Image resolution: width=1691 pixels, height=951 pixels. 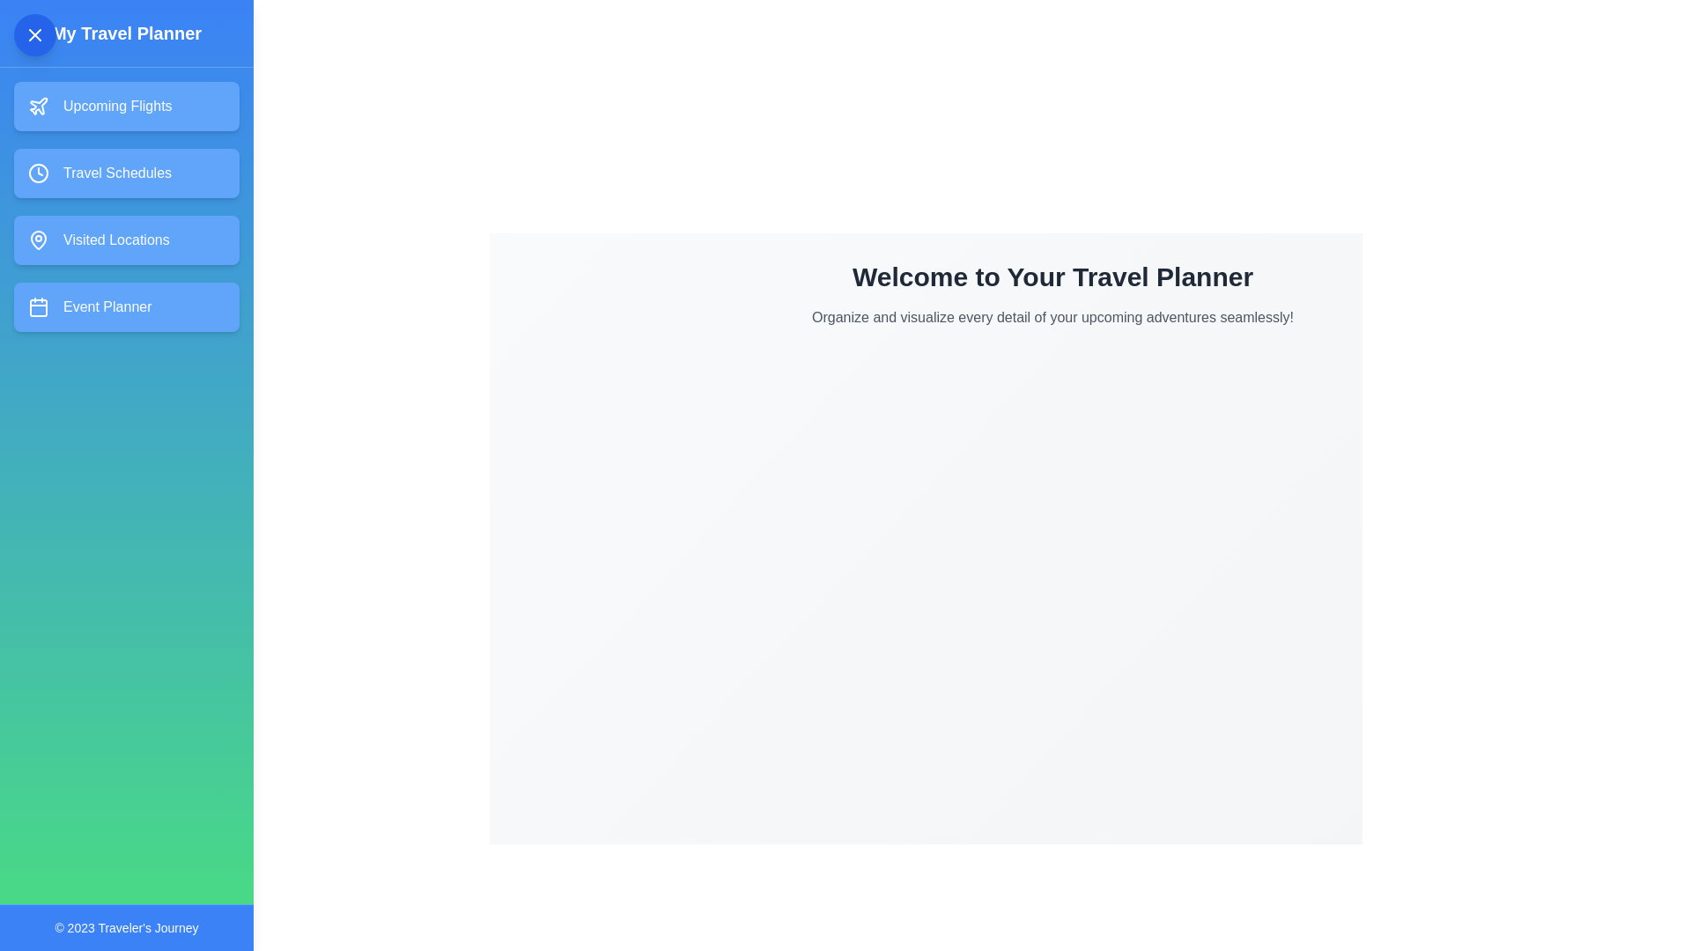 What do you see at coordinates (34, 34) in the screenshot?
I see `the diagonal cross mark icon located at the center of the top-left menu icon` at bounding box center [34, 34].